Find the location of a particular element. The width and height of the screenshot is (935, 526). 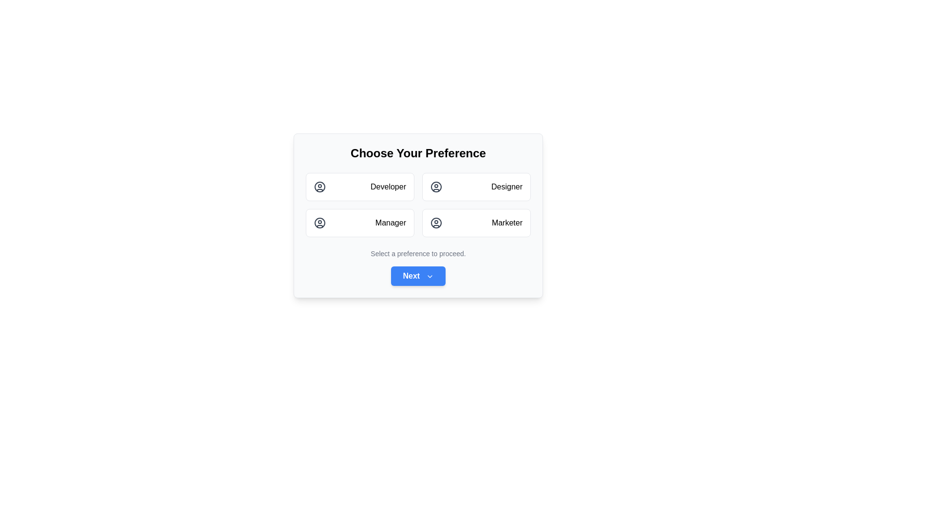

the 'Next' button is located at coordinates (418, 276).